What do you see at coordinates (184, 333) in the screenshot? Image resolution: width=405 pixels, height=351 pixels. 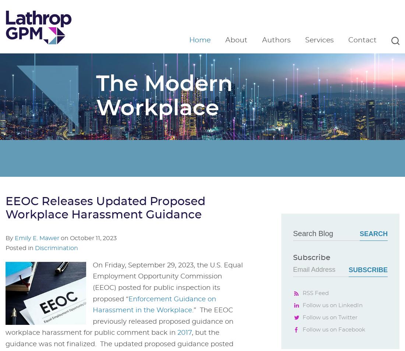 I see `'2017'` at bounding box center [184, 333].